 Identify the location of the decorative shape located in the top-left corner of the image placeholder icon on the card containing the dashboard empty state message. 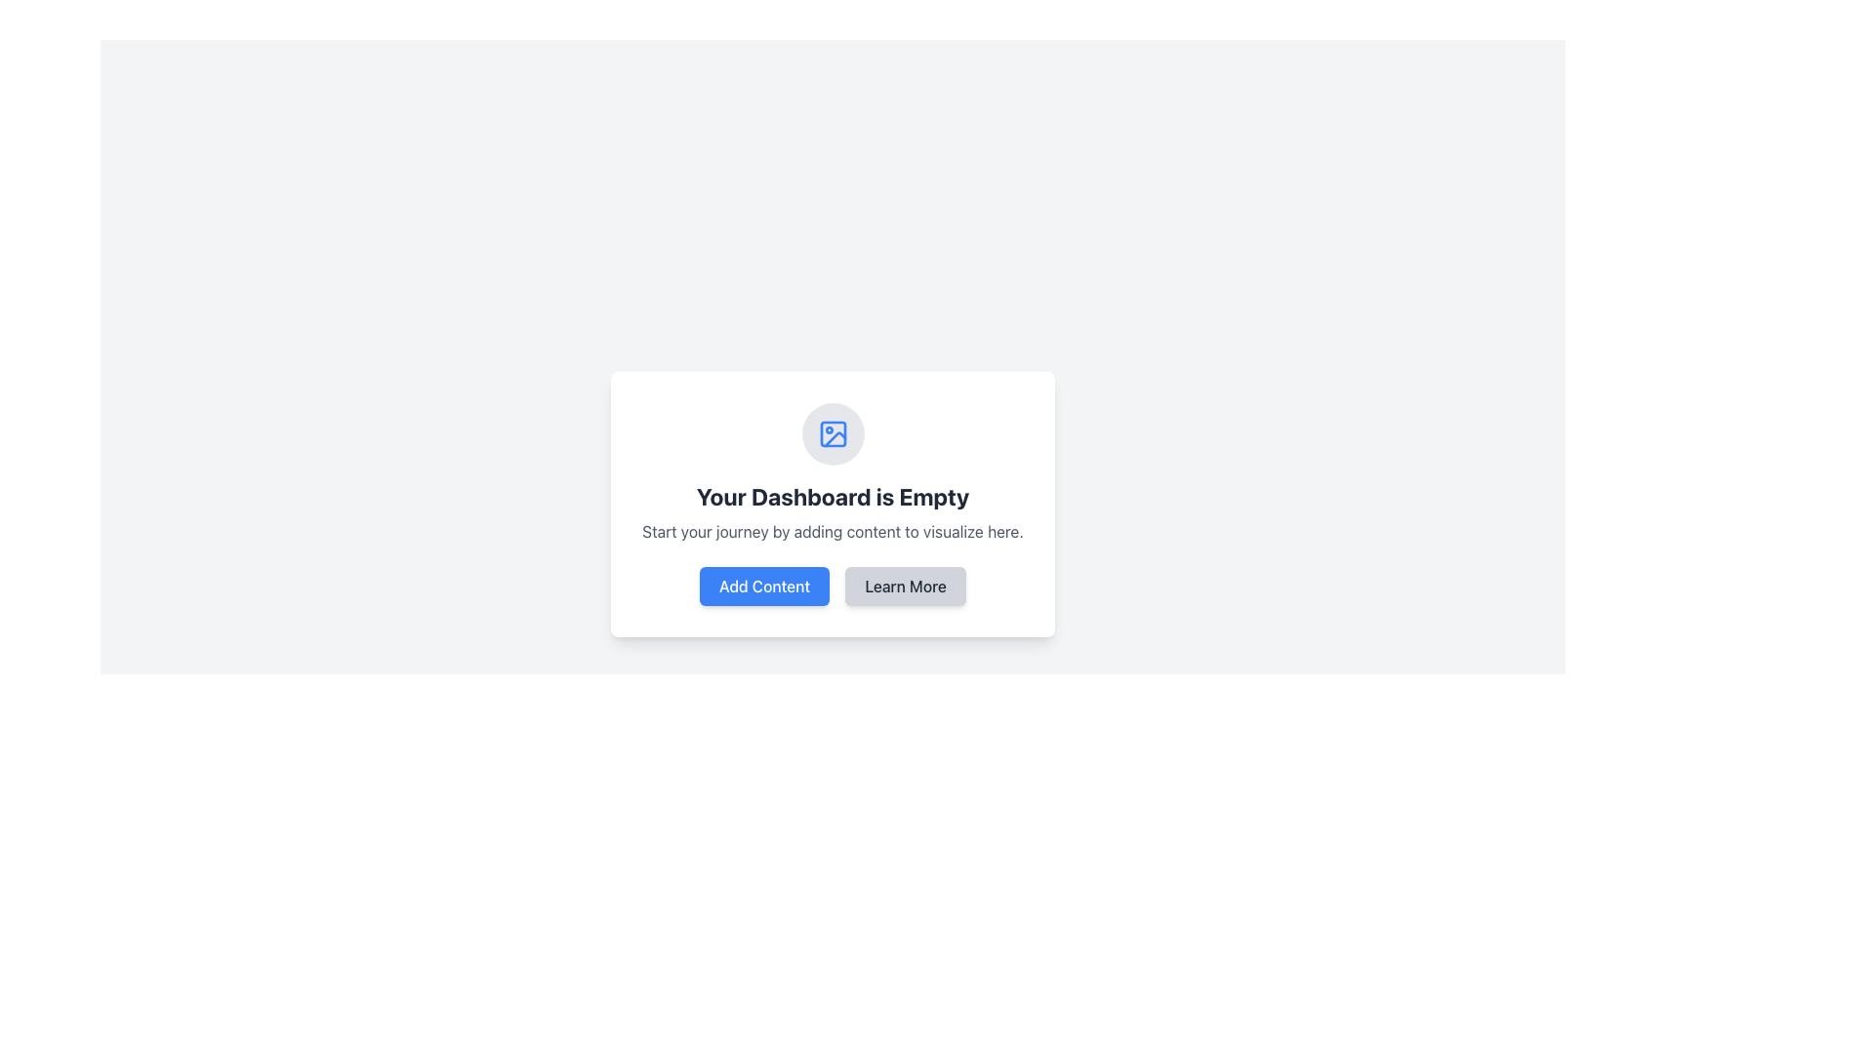
(833, 432).